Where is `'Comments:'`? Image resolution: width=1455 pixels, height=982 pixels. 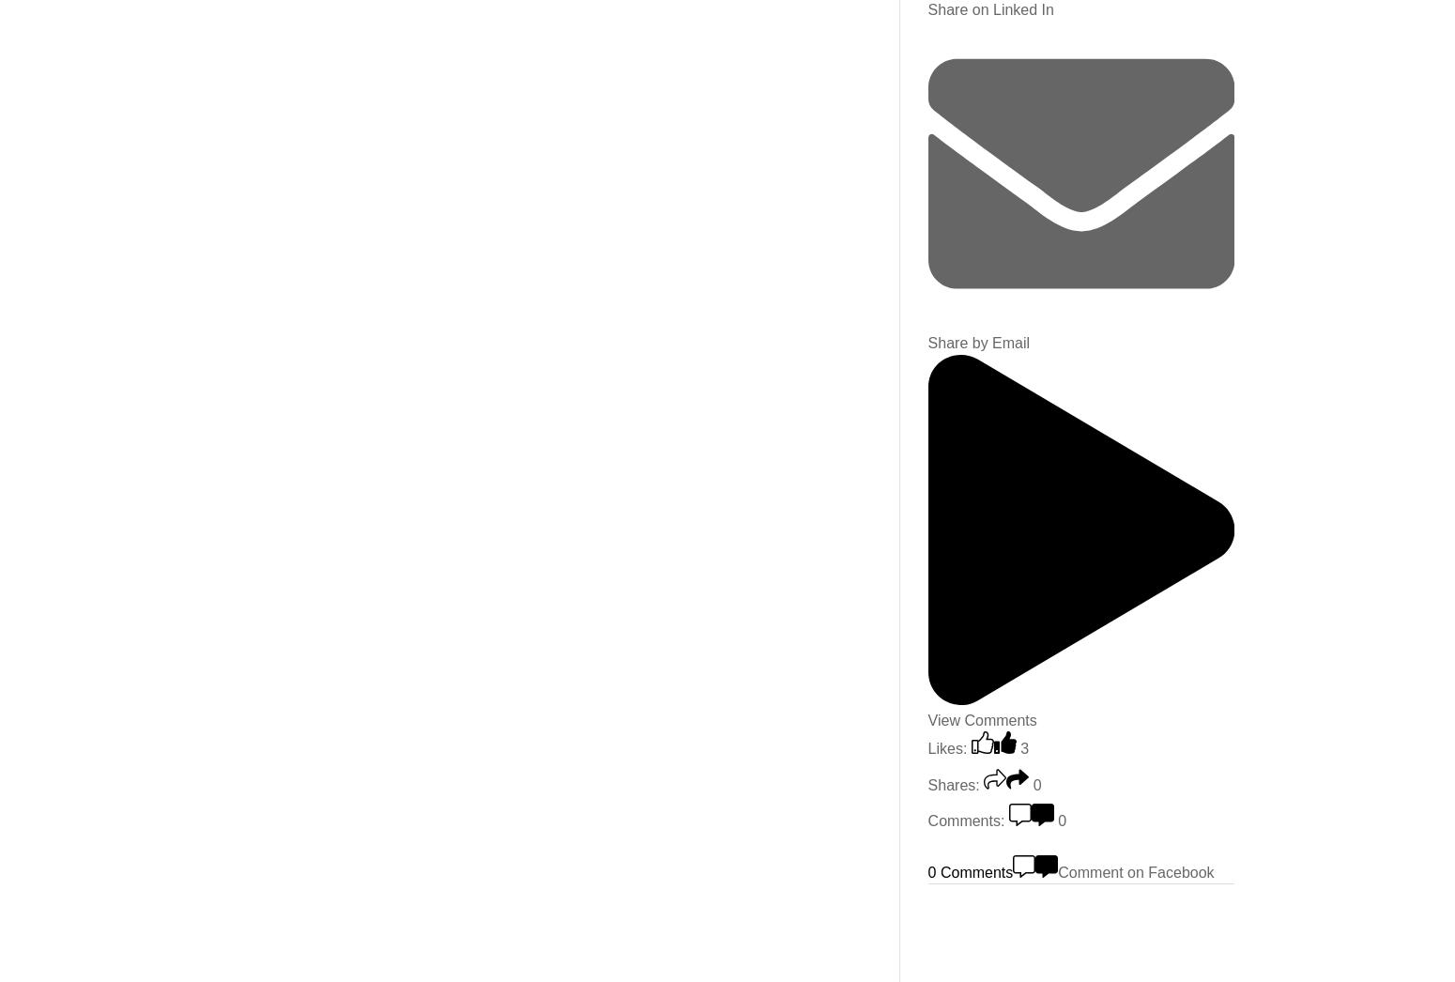
'Comments:' is located at coordinates (966, 820).